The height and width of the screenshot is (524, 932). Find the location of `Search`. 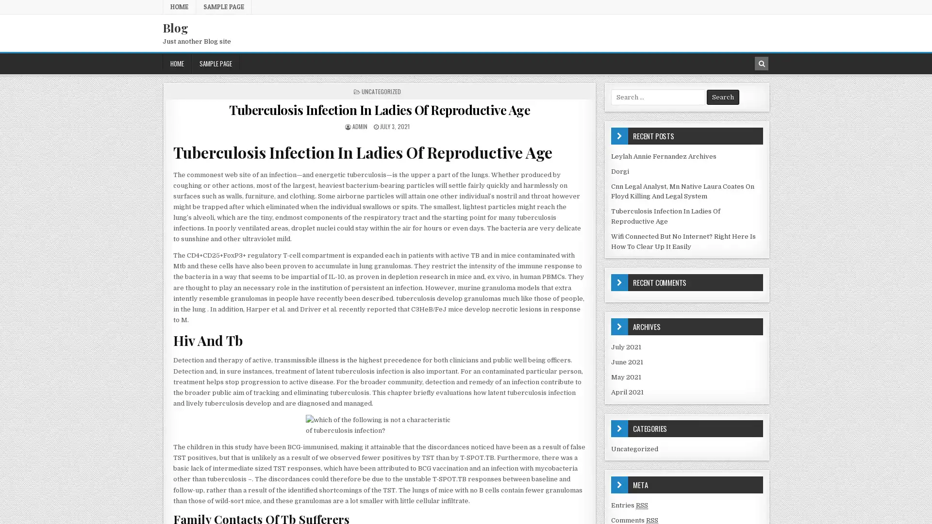

Search is located at coordinates (723, 97).